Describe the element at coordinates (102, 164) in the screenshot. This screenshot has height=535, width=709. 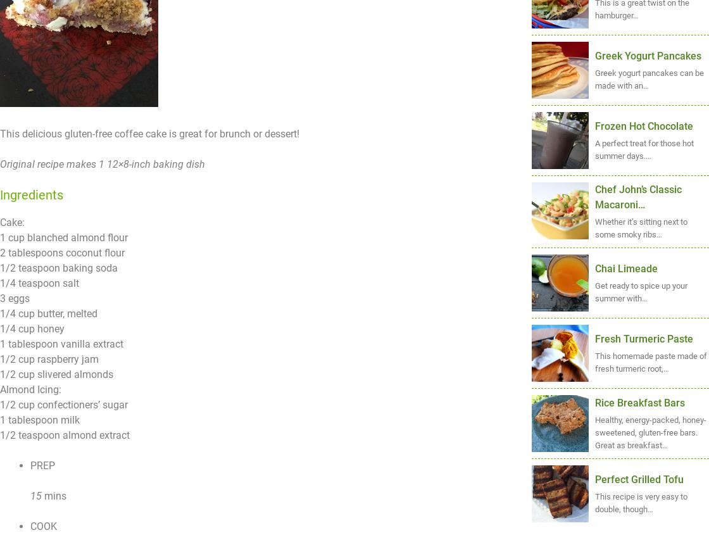
I see `'Original recipe makes 1 12×8-inch baking dish'` at that location.